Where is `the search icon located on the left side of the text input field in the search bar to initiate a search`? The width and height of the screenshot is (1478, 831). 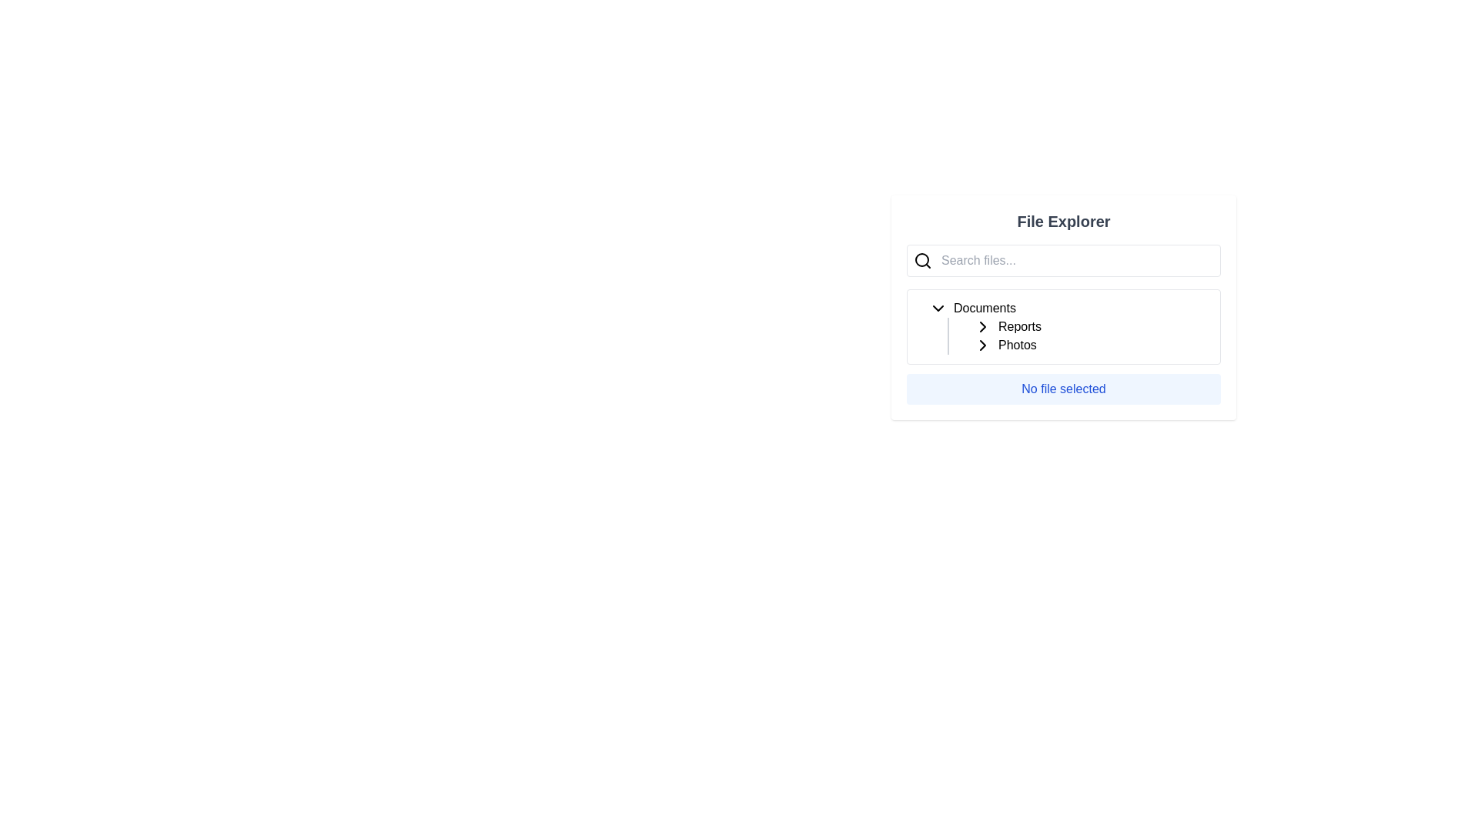
the search icon located on the left side of the text input field in the search bar to initiate a search is located at coordinates (923, 260).